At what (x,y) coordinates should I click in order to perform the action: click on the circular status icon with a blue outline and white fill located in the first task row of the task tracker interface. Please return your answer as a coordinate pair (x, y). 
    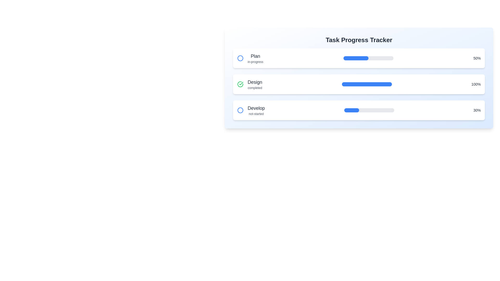
    Looking at the image, I should click on (240, 58).